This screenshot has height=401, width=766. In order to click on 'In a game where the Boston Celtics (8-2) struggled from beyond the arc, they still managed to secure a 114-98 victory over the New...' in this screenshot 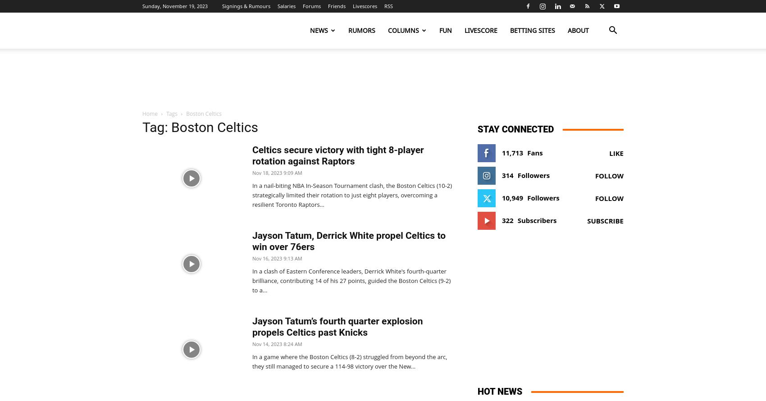, I will do `click(349, 361)`.